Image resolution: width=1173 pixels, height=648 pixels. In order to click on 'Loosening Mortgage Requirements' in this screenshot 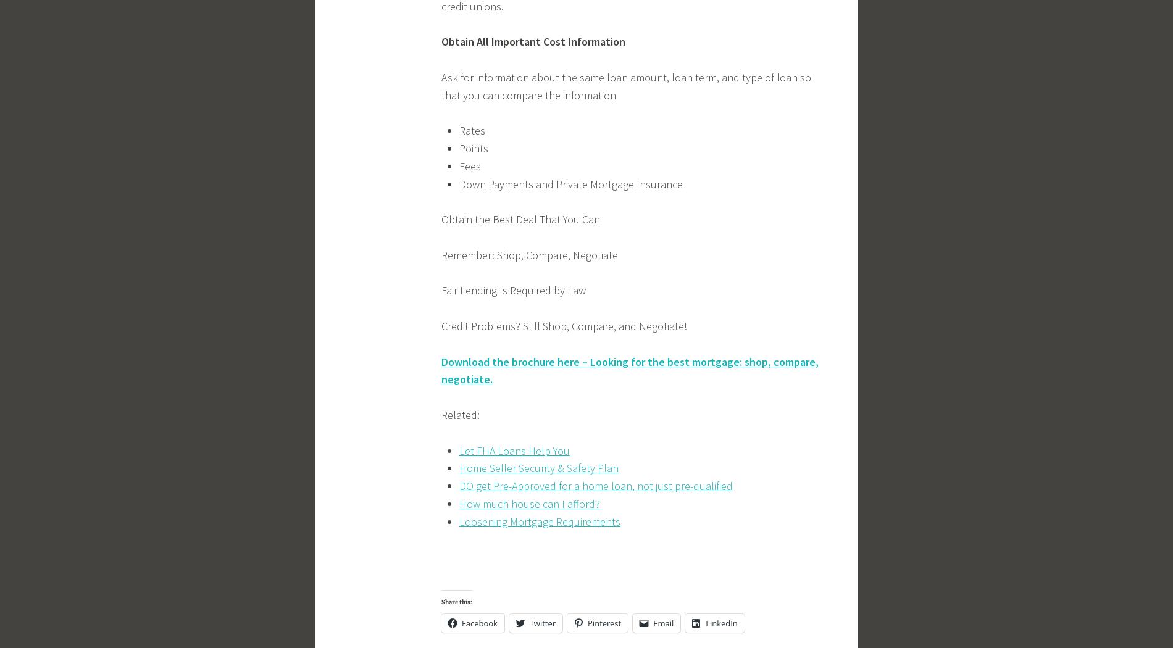, I will do `click(538, 521)`.